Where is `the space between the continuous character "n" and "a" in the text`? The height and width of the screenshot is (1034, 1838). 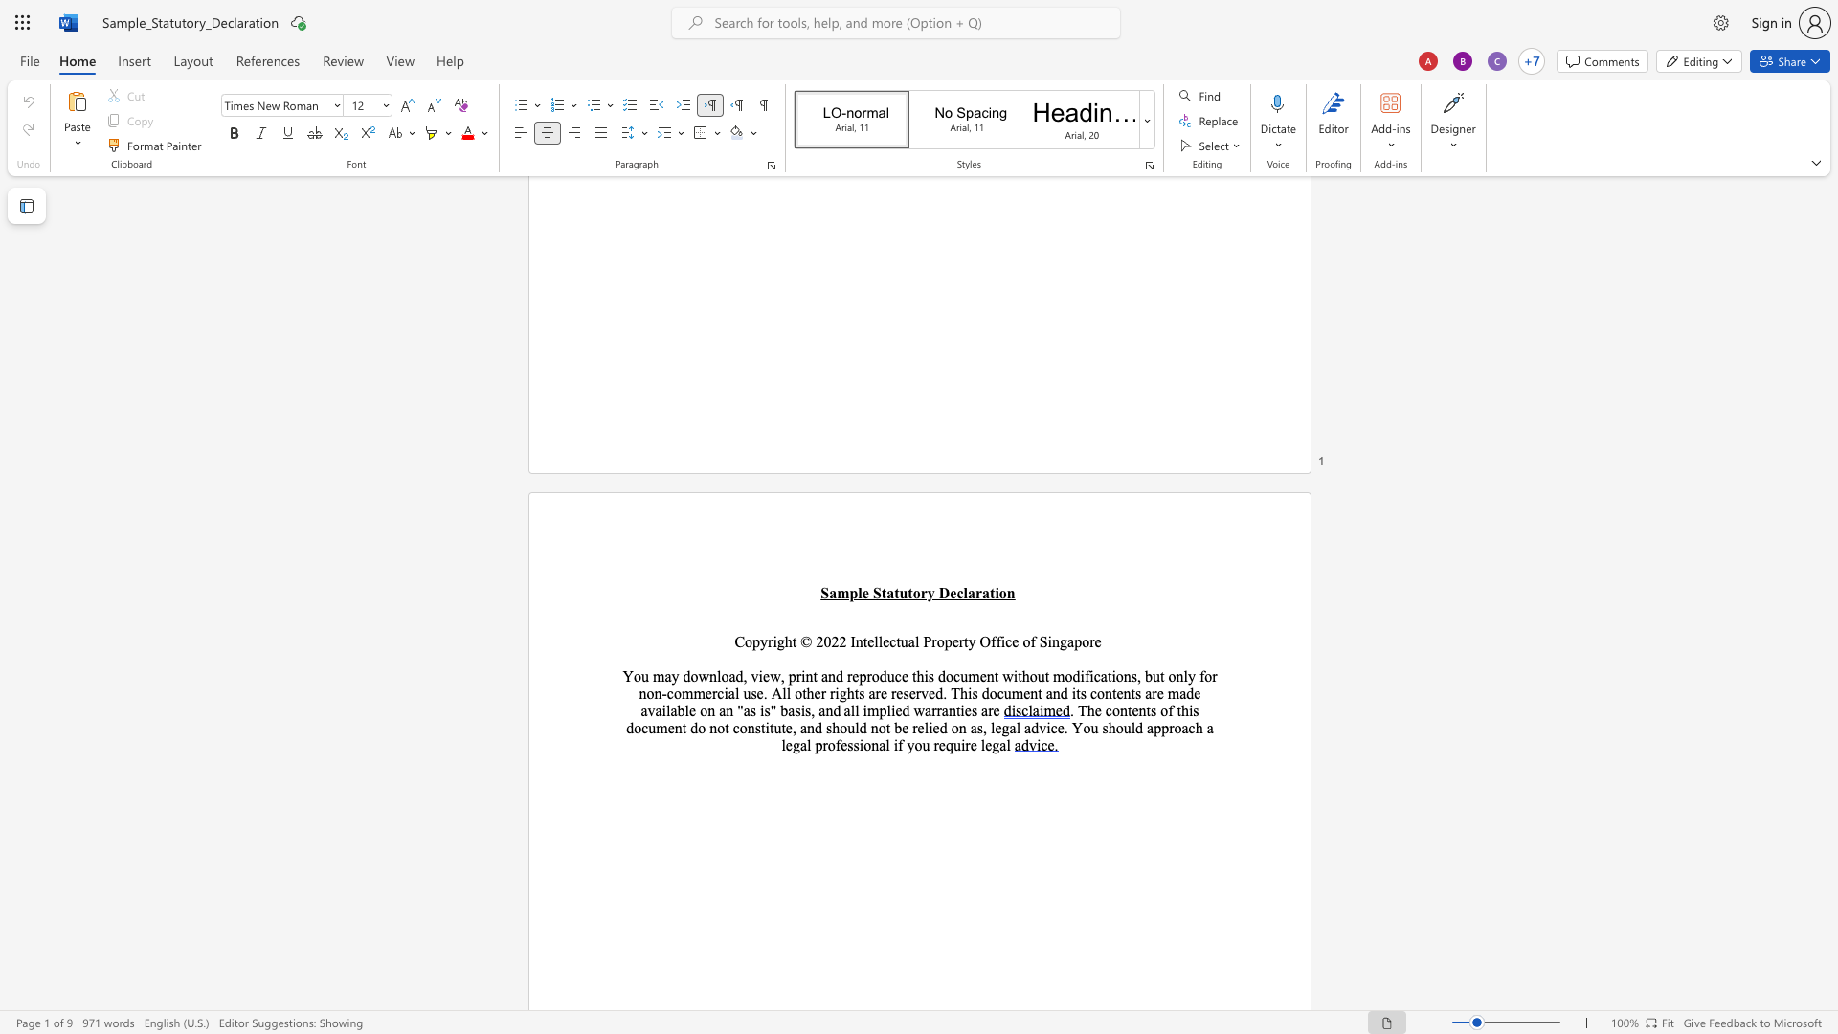 the space between the continuous character "n" and "a" in the text is located at coordinates (877, 744).